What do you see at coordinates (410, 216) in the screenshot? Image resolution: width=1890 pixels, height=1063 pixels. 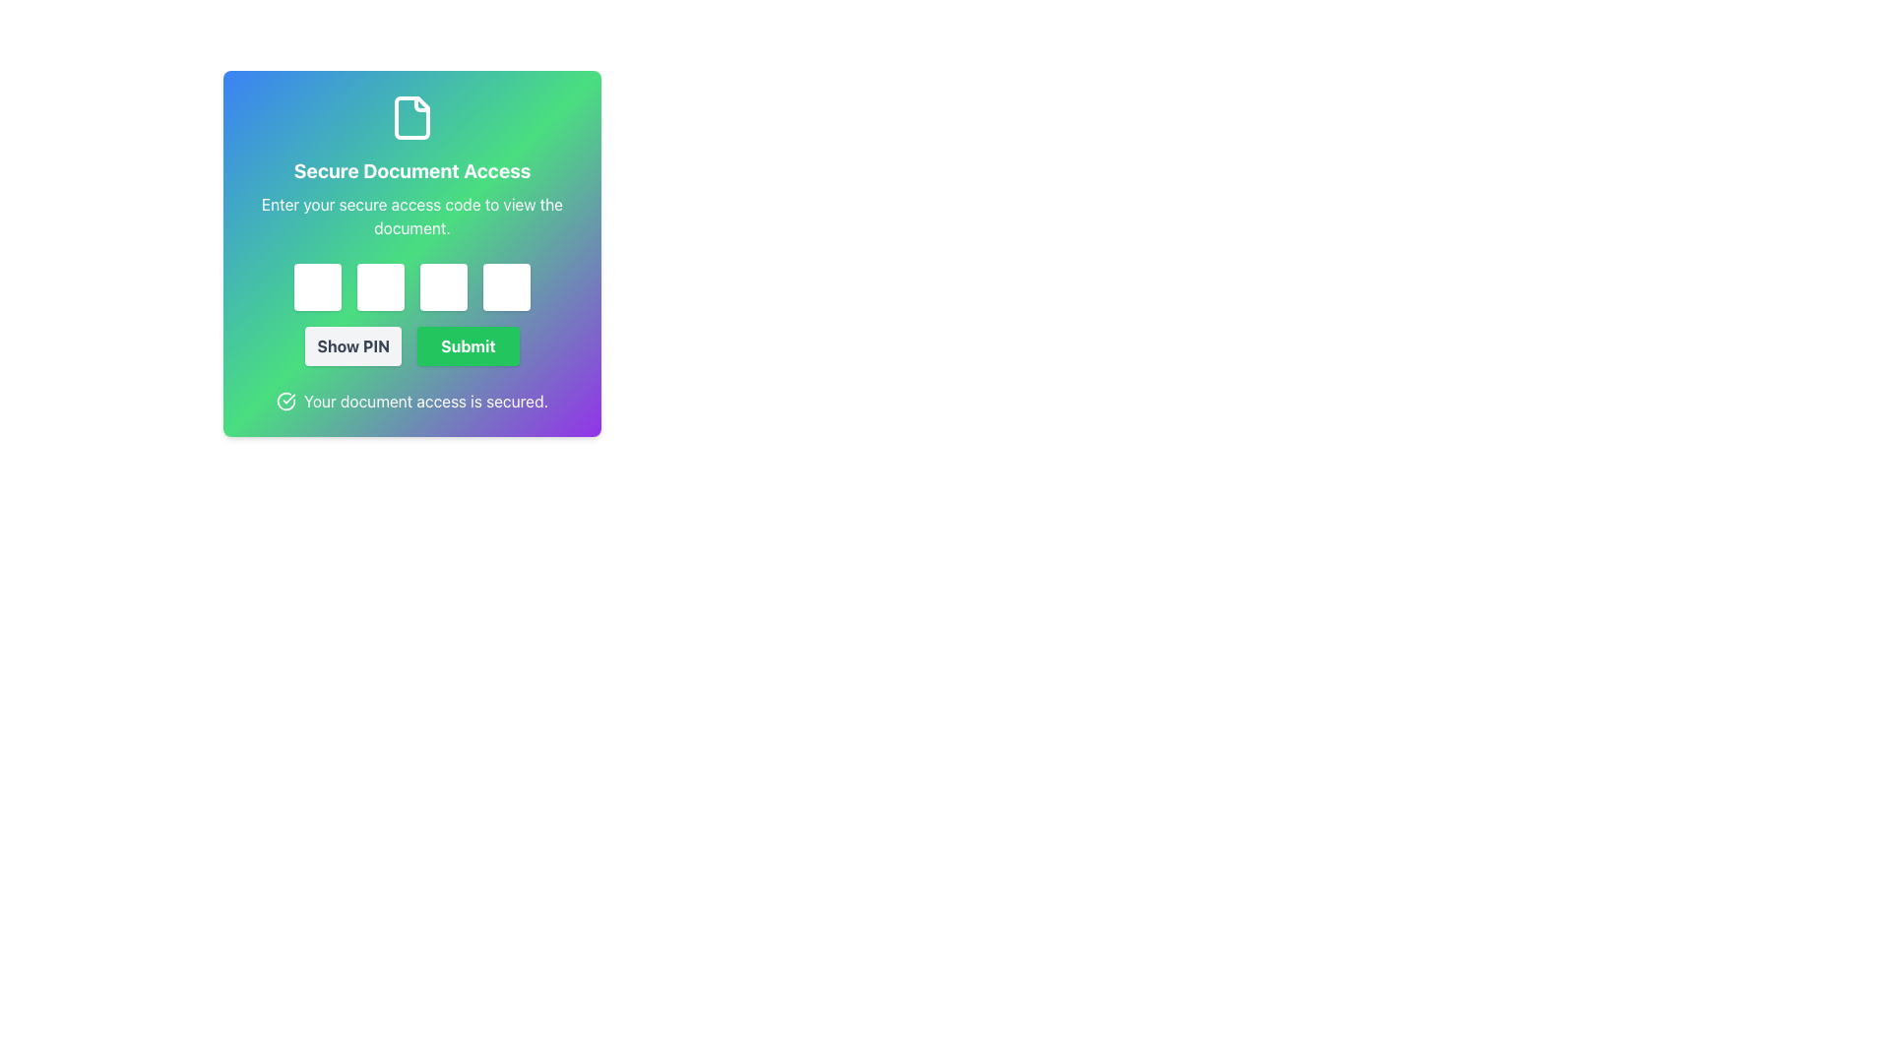 I see `the static text stating 'Enter your secure access code` at bounding box center [410, 216].